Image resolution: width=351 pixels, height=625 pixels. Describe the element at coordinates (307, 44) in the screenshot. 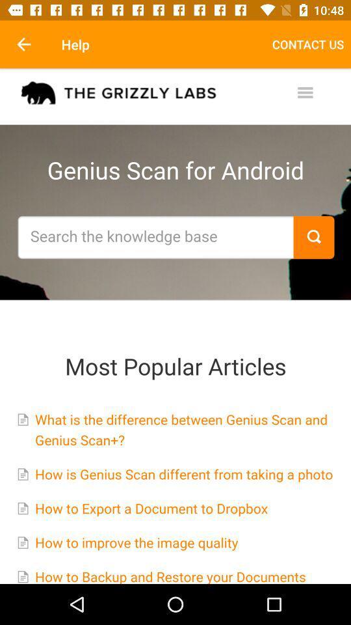

I see `the item next to the help icon` at that location.